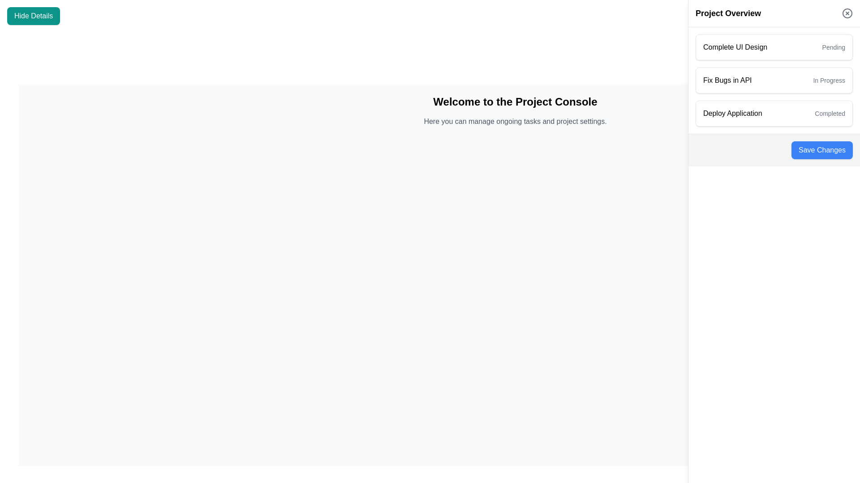 Image resolution: width=860 pixels, height=483 pixels. What do you see at coordinates (774, 47) in the screenshot?
I see `labels from the informational card displaying the task 'Complete UI Design' with status 'Pending' in the right panel of the 'Project Overview.'` at bounding box center [774, 47].